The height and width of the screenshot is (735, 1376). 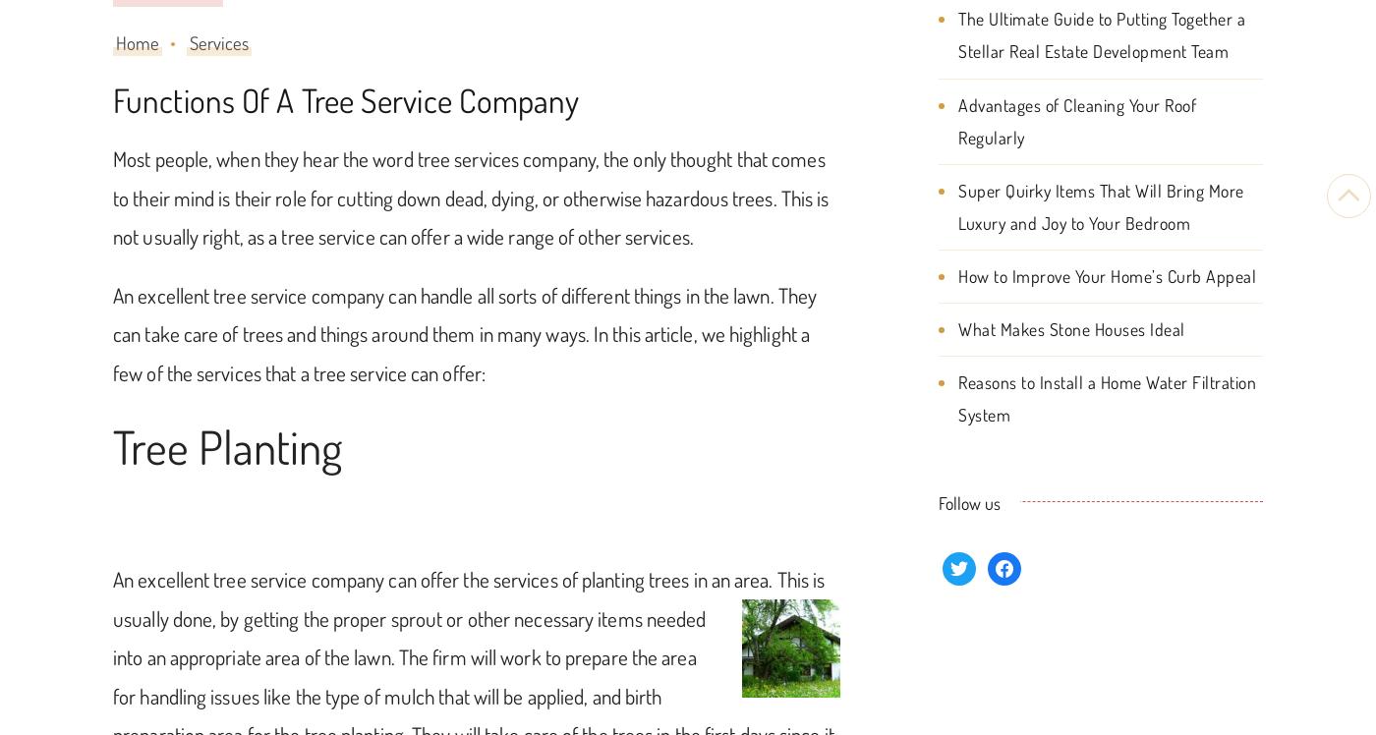 I want to click on 'How to Improve Your Home’s Curb Appeal', so click(x=1107, y=273).